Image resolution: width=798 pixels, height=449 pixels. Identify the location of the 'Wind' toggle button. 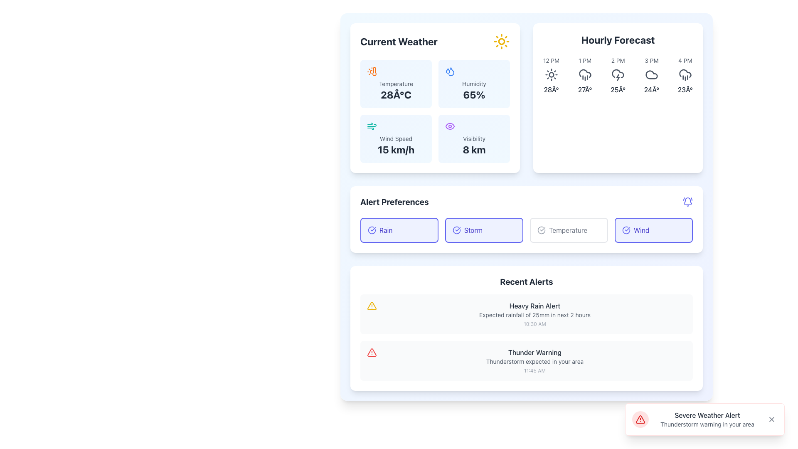
(653, 230).